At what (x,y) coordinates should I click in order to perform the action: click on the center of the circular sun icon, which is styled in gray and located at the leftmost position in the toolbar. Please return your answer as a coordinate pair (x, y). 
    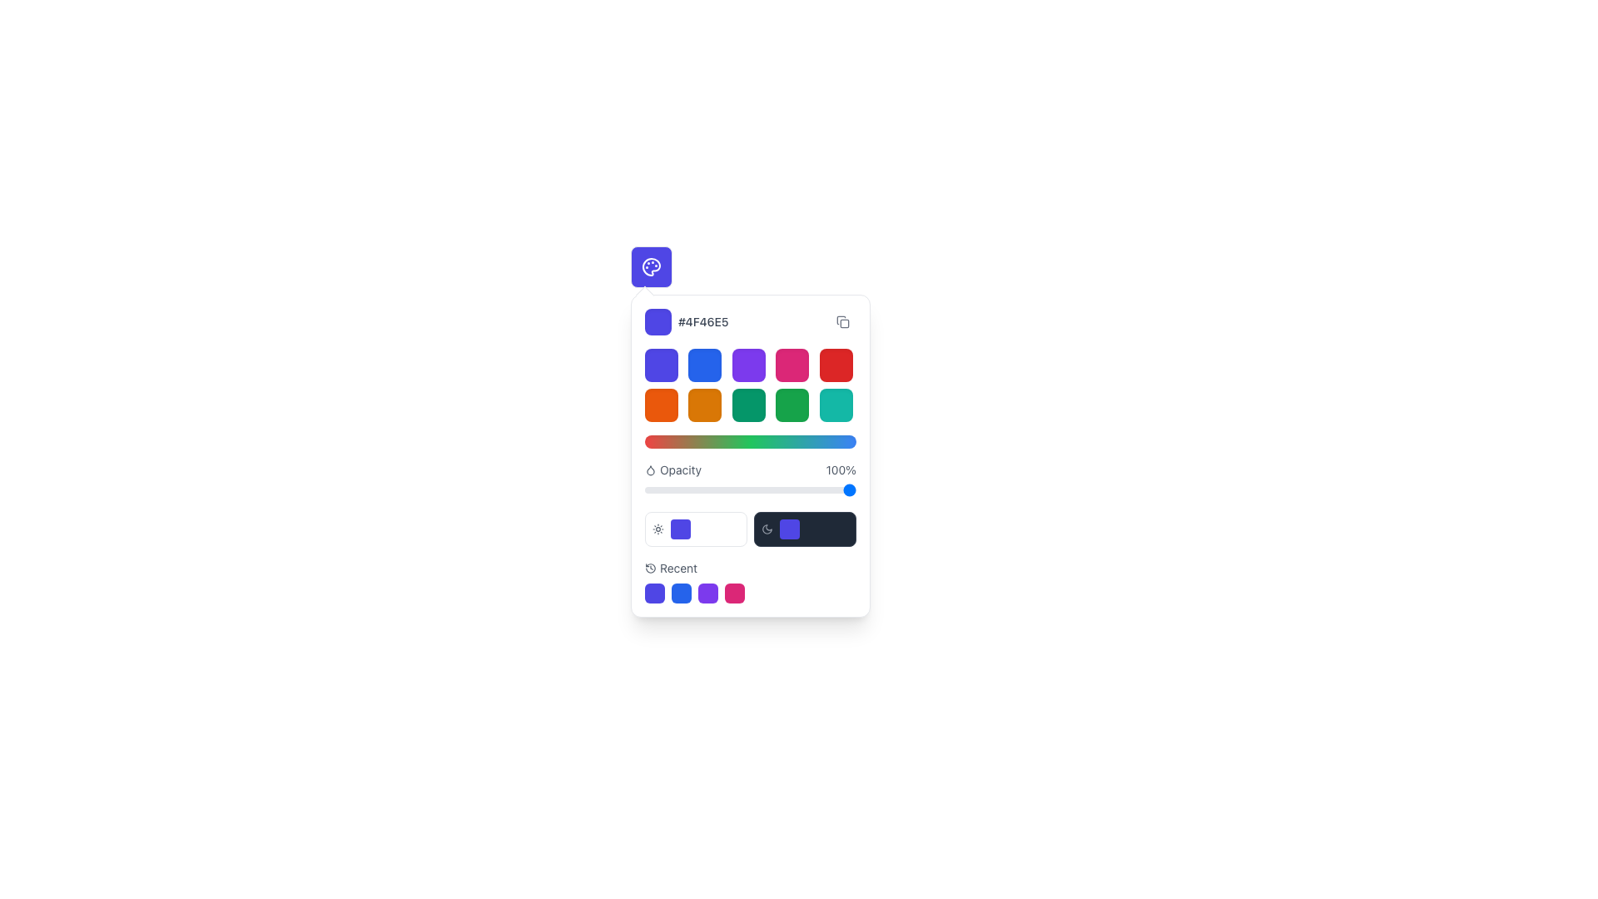
    Looking at the image, I should click on (658, 529).